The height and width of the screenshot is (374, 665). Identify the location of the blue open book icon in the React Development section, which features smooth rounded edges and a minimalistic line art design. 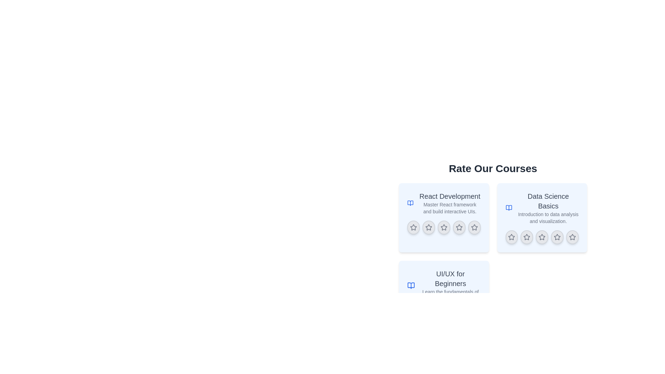
(410, 203).